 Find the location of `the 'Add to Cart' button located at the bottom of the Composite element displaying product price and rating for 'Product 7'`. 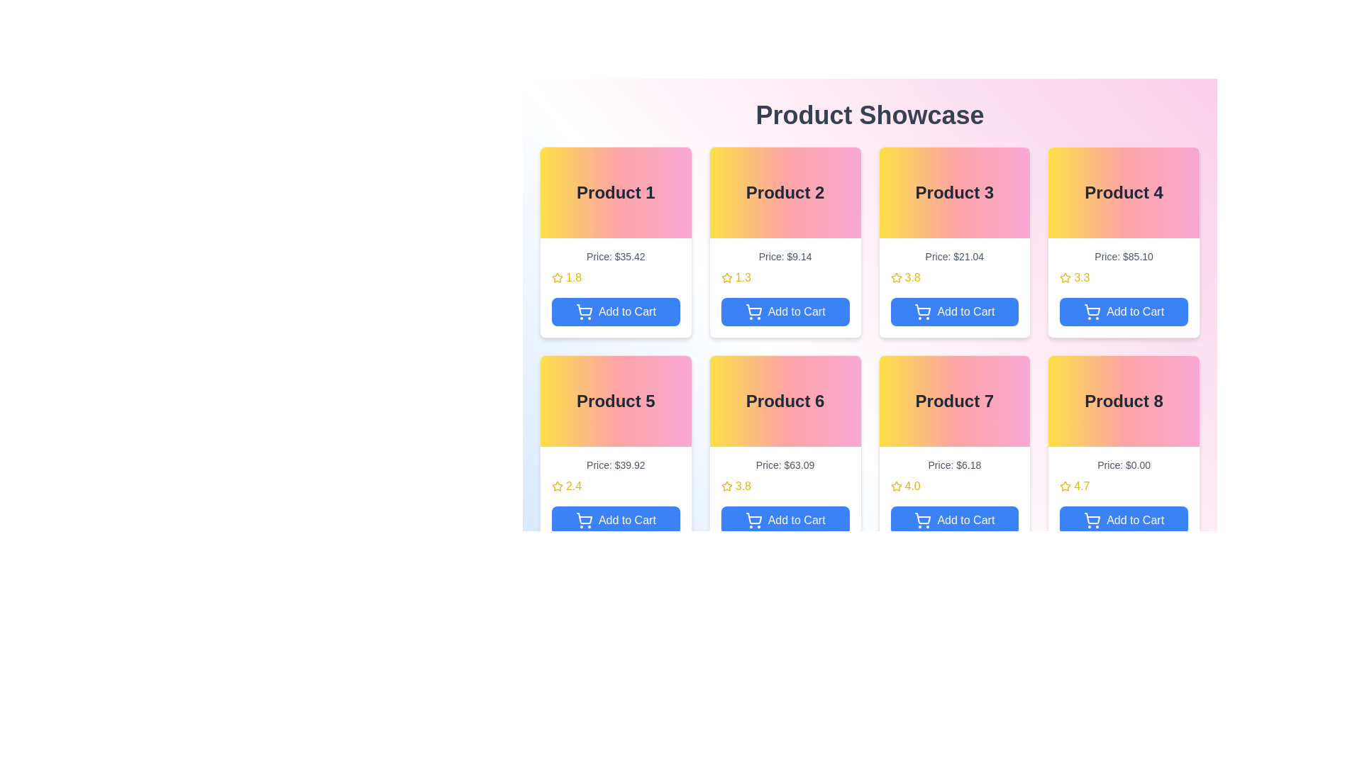

the 'Add to Cart' button located at the bottom of the Composite element displaying product price and rating for 'Product 7' is located at coordinates (954, 495).